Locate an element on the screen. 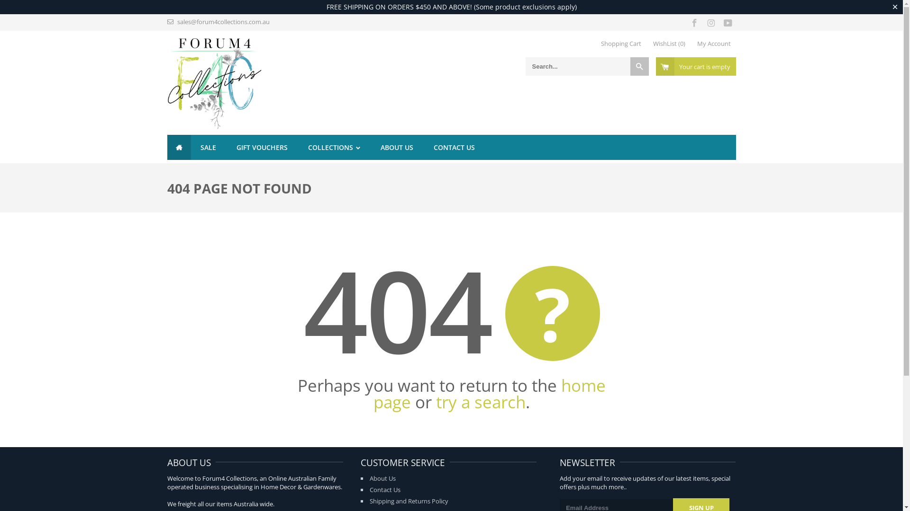 Image resolution: width=910 pixels, height=511 pixels. 'Forum4 Collections on Instagram' is located at coordinates (710, 21).